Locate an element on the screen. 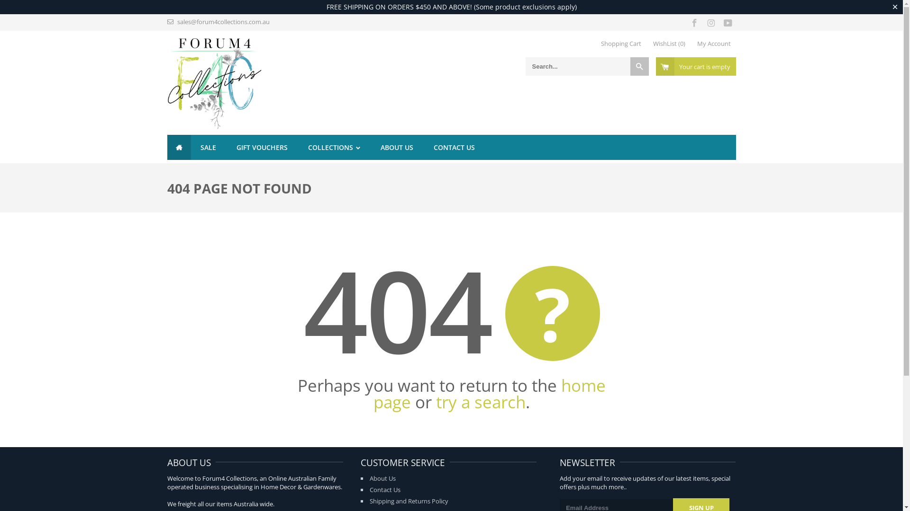 Image resolution: width=910 pixels, height=511 pixels. 'Forum4 Collections on Instagram' is located at coordinates (710, 21).